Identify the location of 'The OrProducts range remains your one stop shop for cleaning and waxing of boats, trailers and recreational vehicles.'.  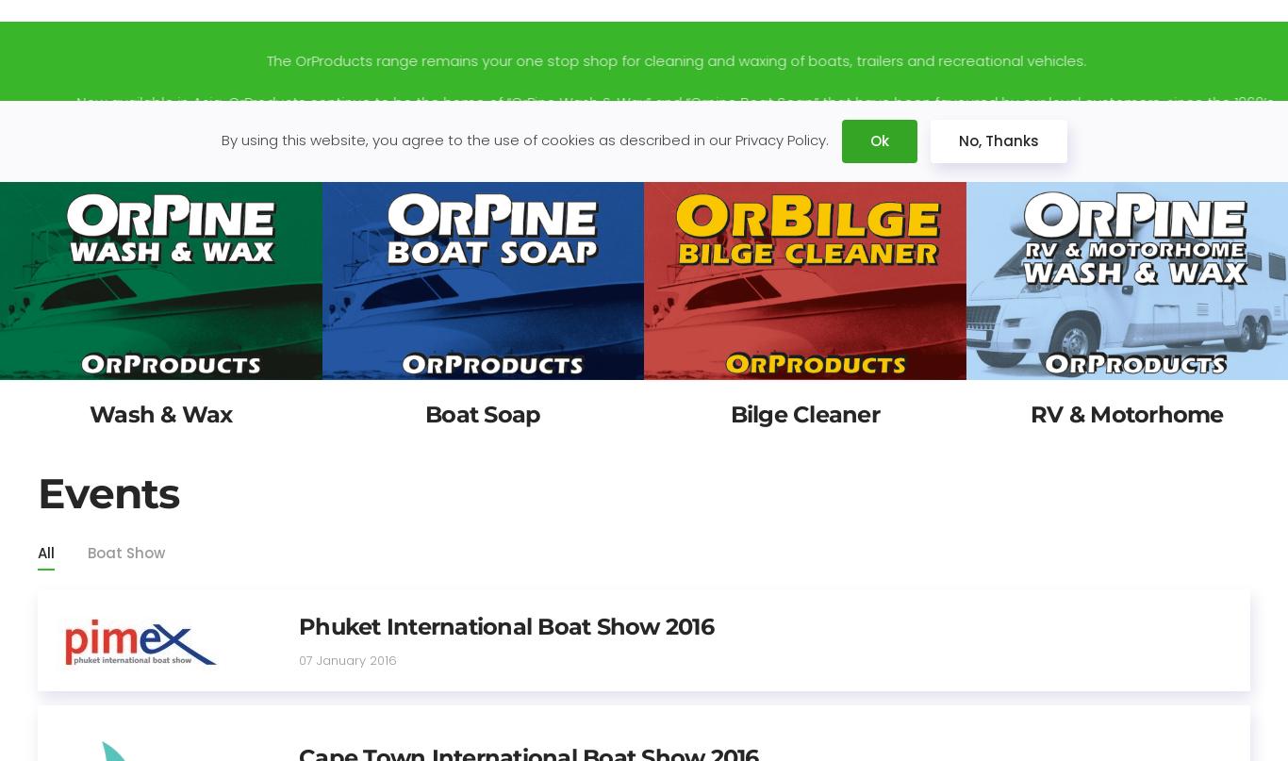
(642, 60).